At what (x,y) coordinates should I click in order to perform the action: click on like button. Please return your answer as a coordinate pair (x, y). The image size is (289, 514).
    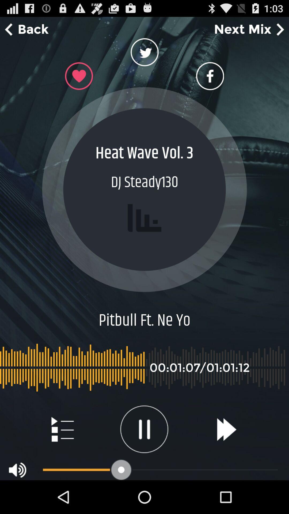
    Looking at the image, I should click on (79, 76).